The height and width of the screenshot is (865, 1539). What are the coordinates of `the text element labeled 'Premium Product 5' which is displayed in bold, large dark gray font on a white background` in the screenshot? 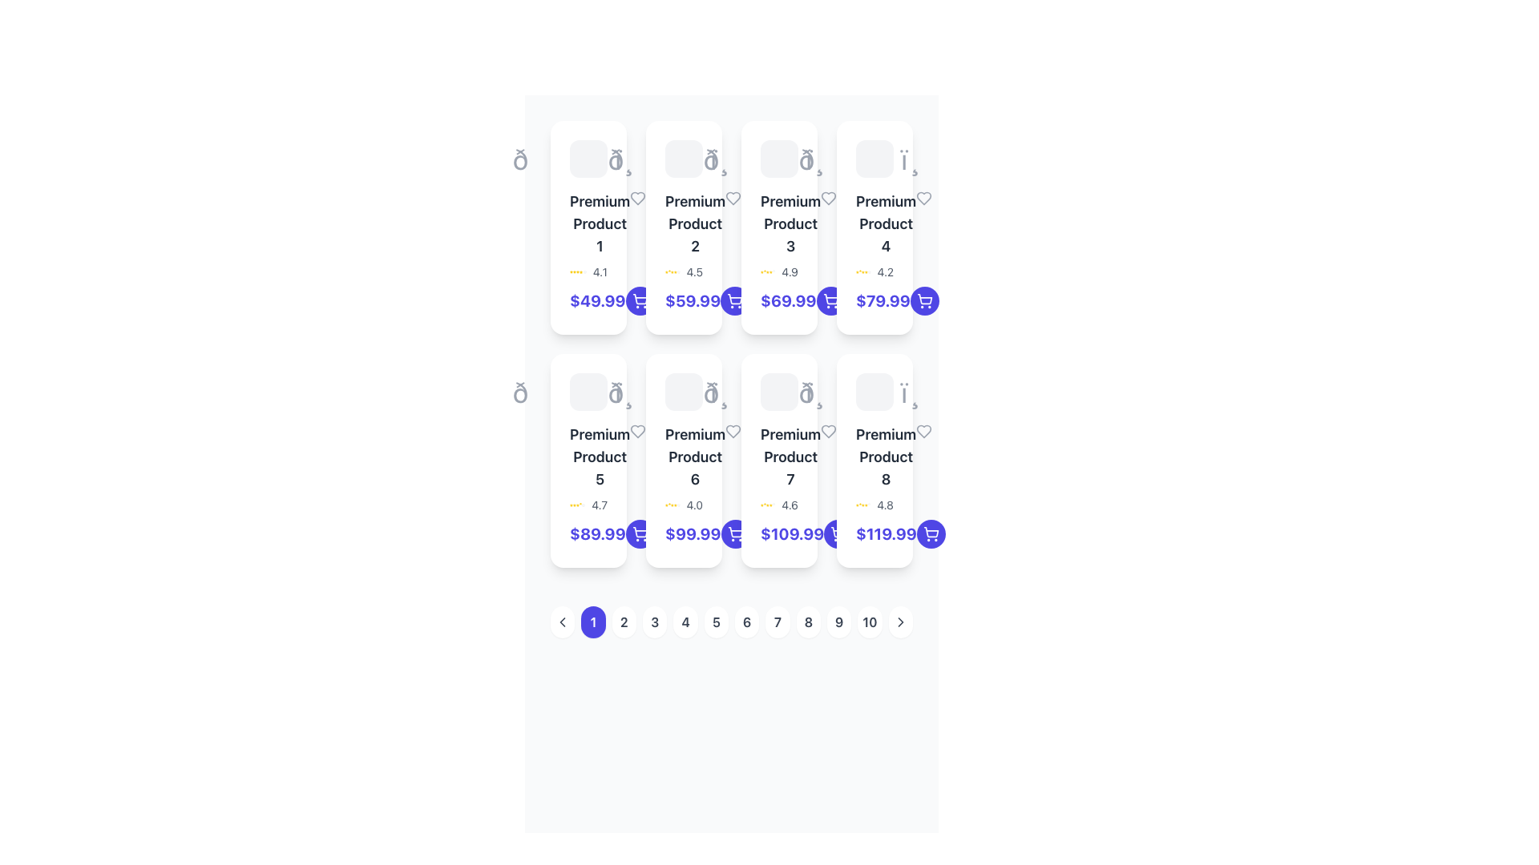 It's located at (599, 457).